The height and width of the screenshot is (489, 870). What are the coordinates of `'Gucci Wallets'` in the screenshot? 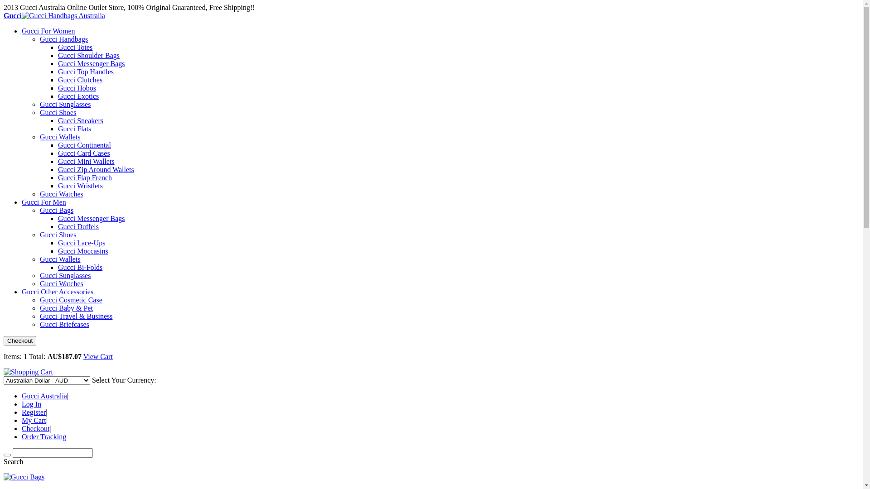 It's located at (60, 259).